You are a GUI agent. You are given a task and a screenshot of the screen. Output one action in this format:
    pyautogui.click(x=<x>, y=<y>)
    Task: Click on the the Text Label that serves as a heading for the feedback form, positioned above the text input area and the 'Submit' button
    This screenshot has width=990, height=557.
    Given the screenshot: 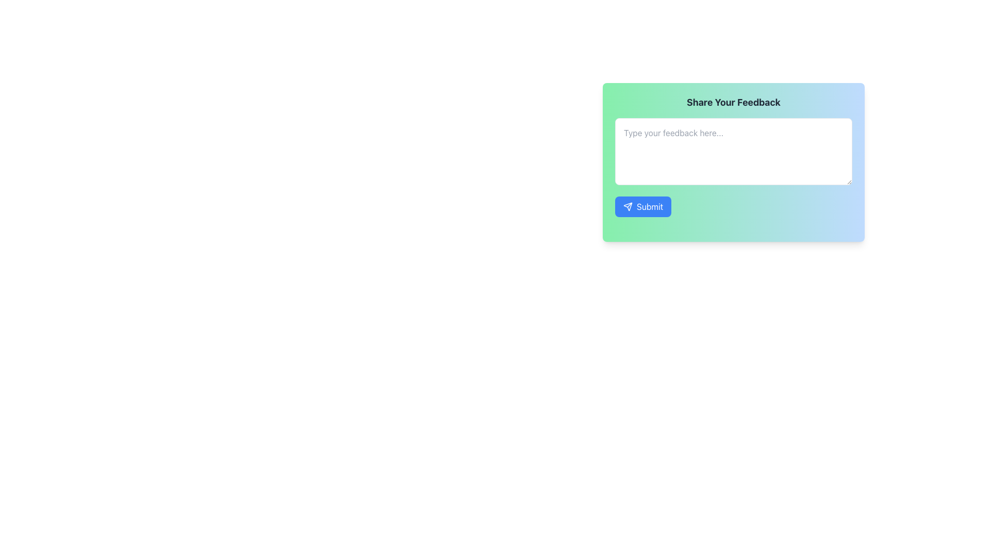 What is the action you would take?
    pyautogui.click(x=733, y=103)
    